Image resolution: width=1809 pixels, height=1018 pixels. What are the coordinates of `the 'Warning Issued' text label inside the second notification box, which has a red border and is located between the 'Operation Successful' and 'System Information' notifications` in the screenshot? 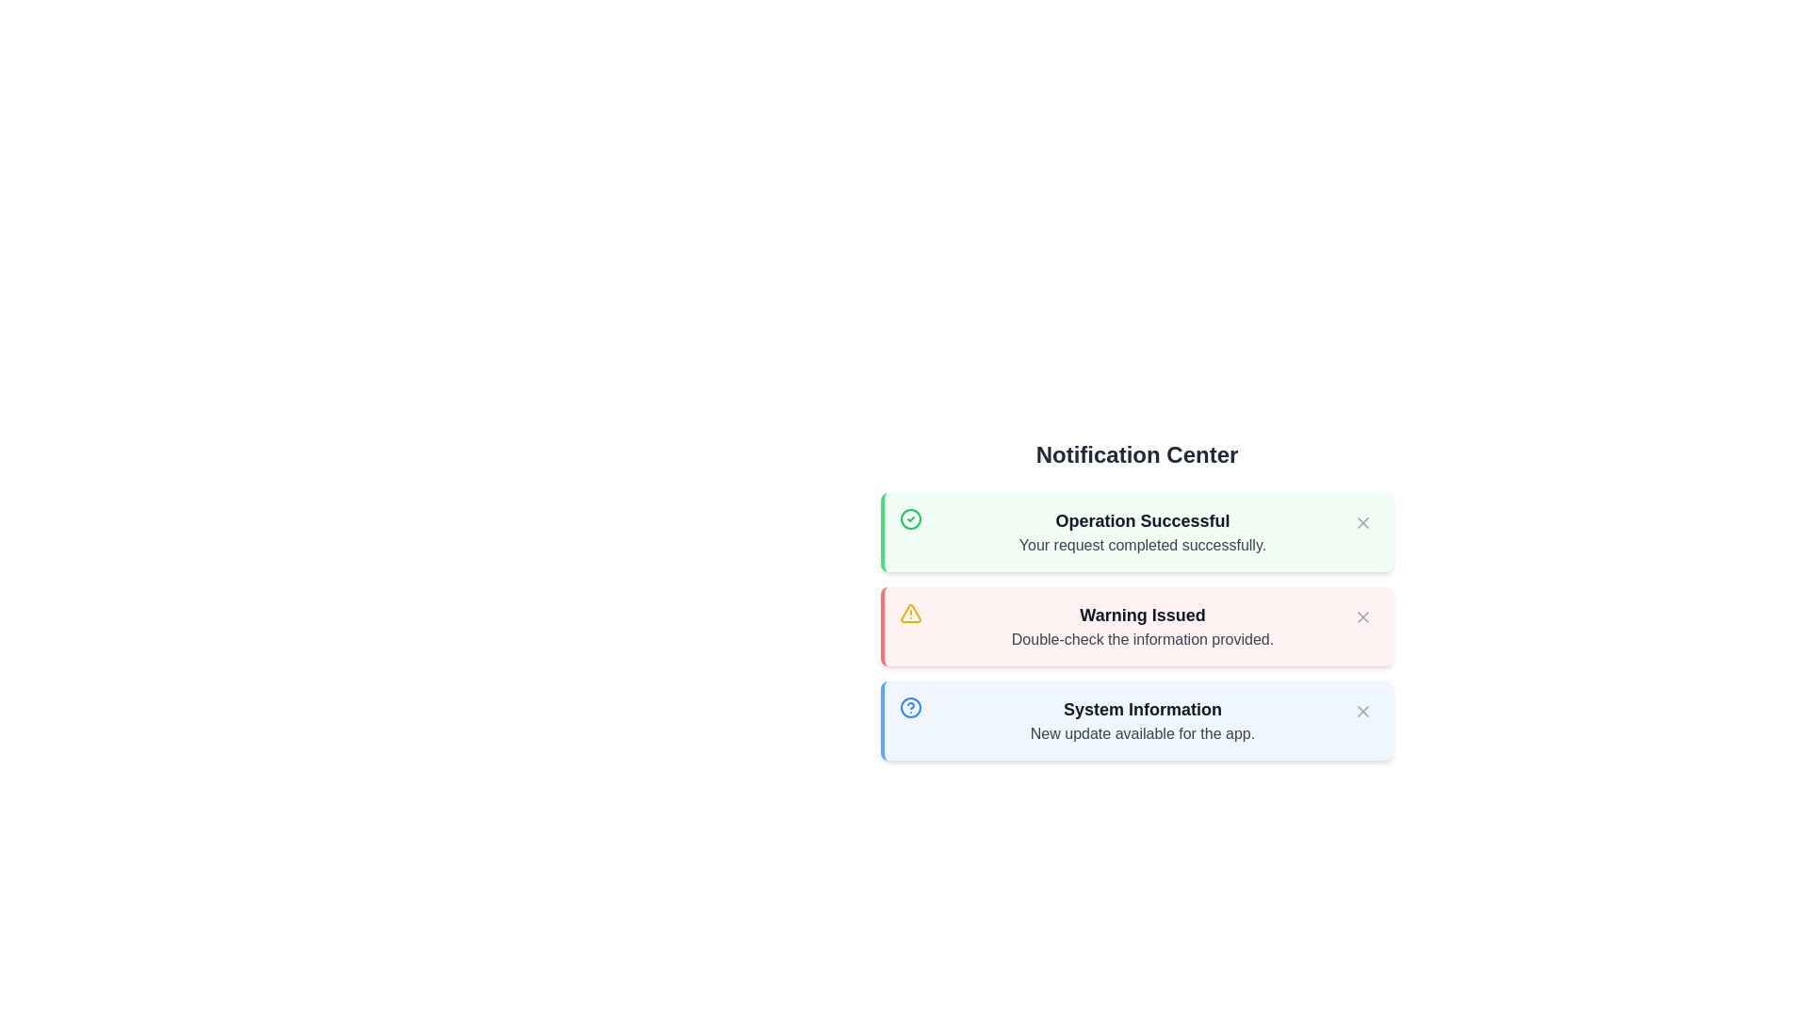 It's located at (1142, 615).